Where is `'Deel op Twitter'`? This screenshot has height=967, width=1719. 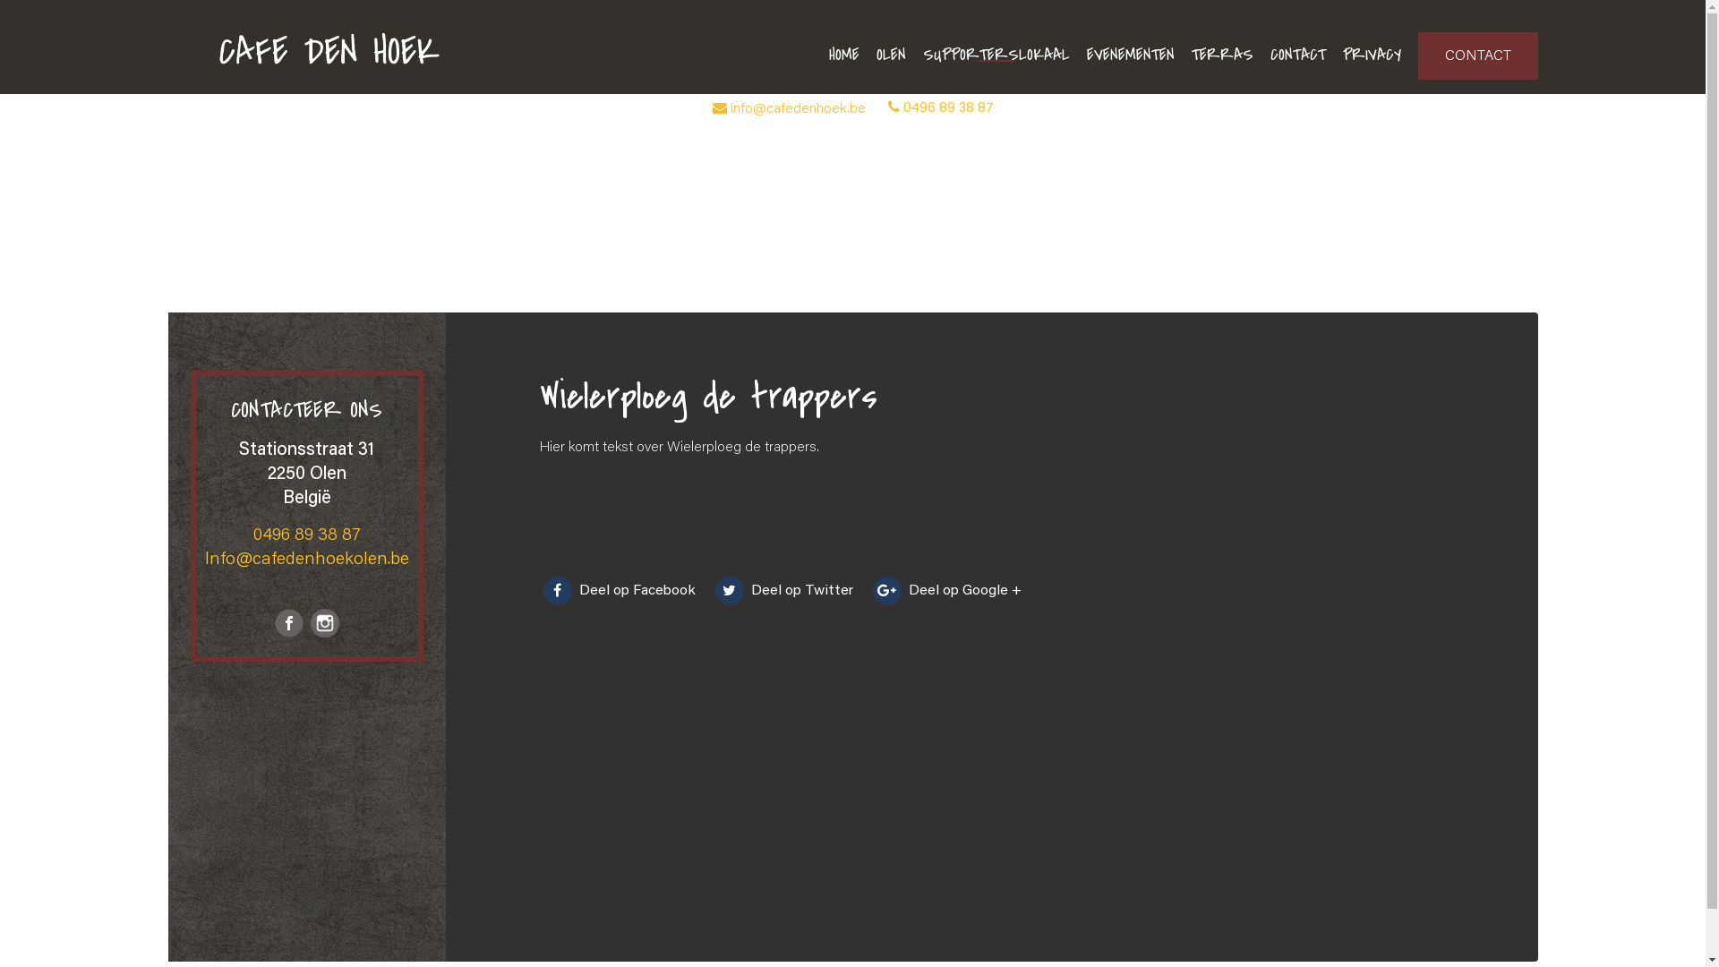 'Deel op Twitter' is located at coordinates (709, 590).